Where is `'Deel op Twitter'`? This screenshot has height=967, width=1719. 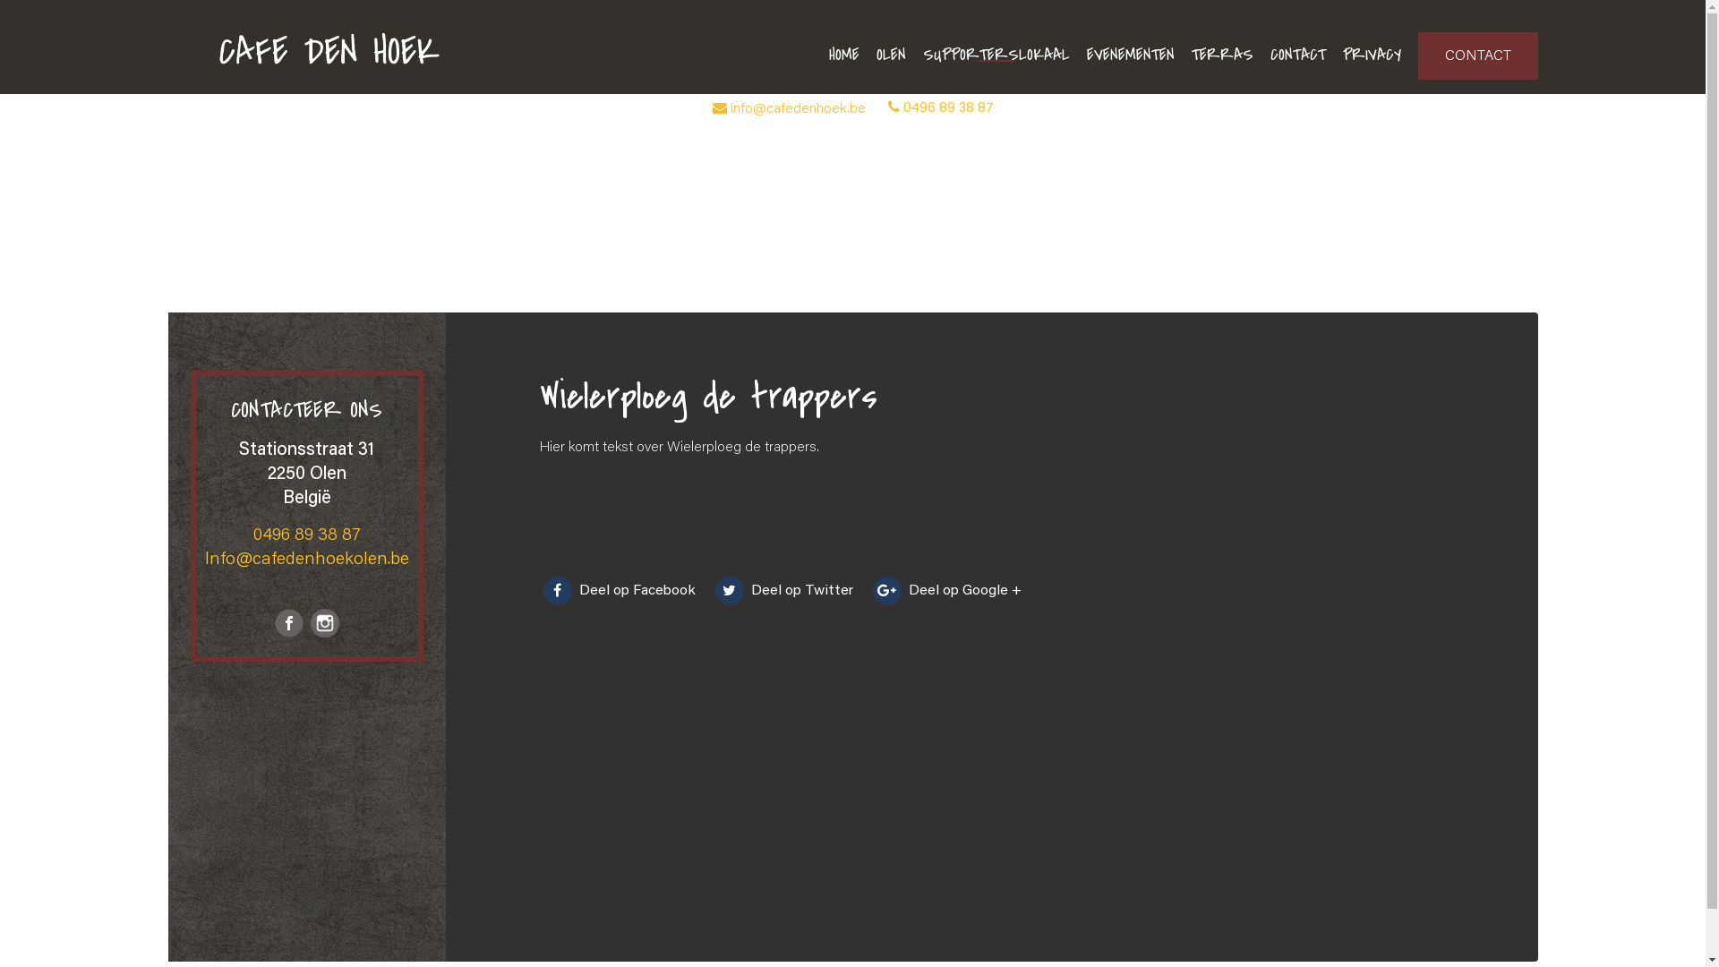 'Deel op Twitter' is located at coordinates (709, 590).